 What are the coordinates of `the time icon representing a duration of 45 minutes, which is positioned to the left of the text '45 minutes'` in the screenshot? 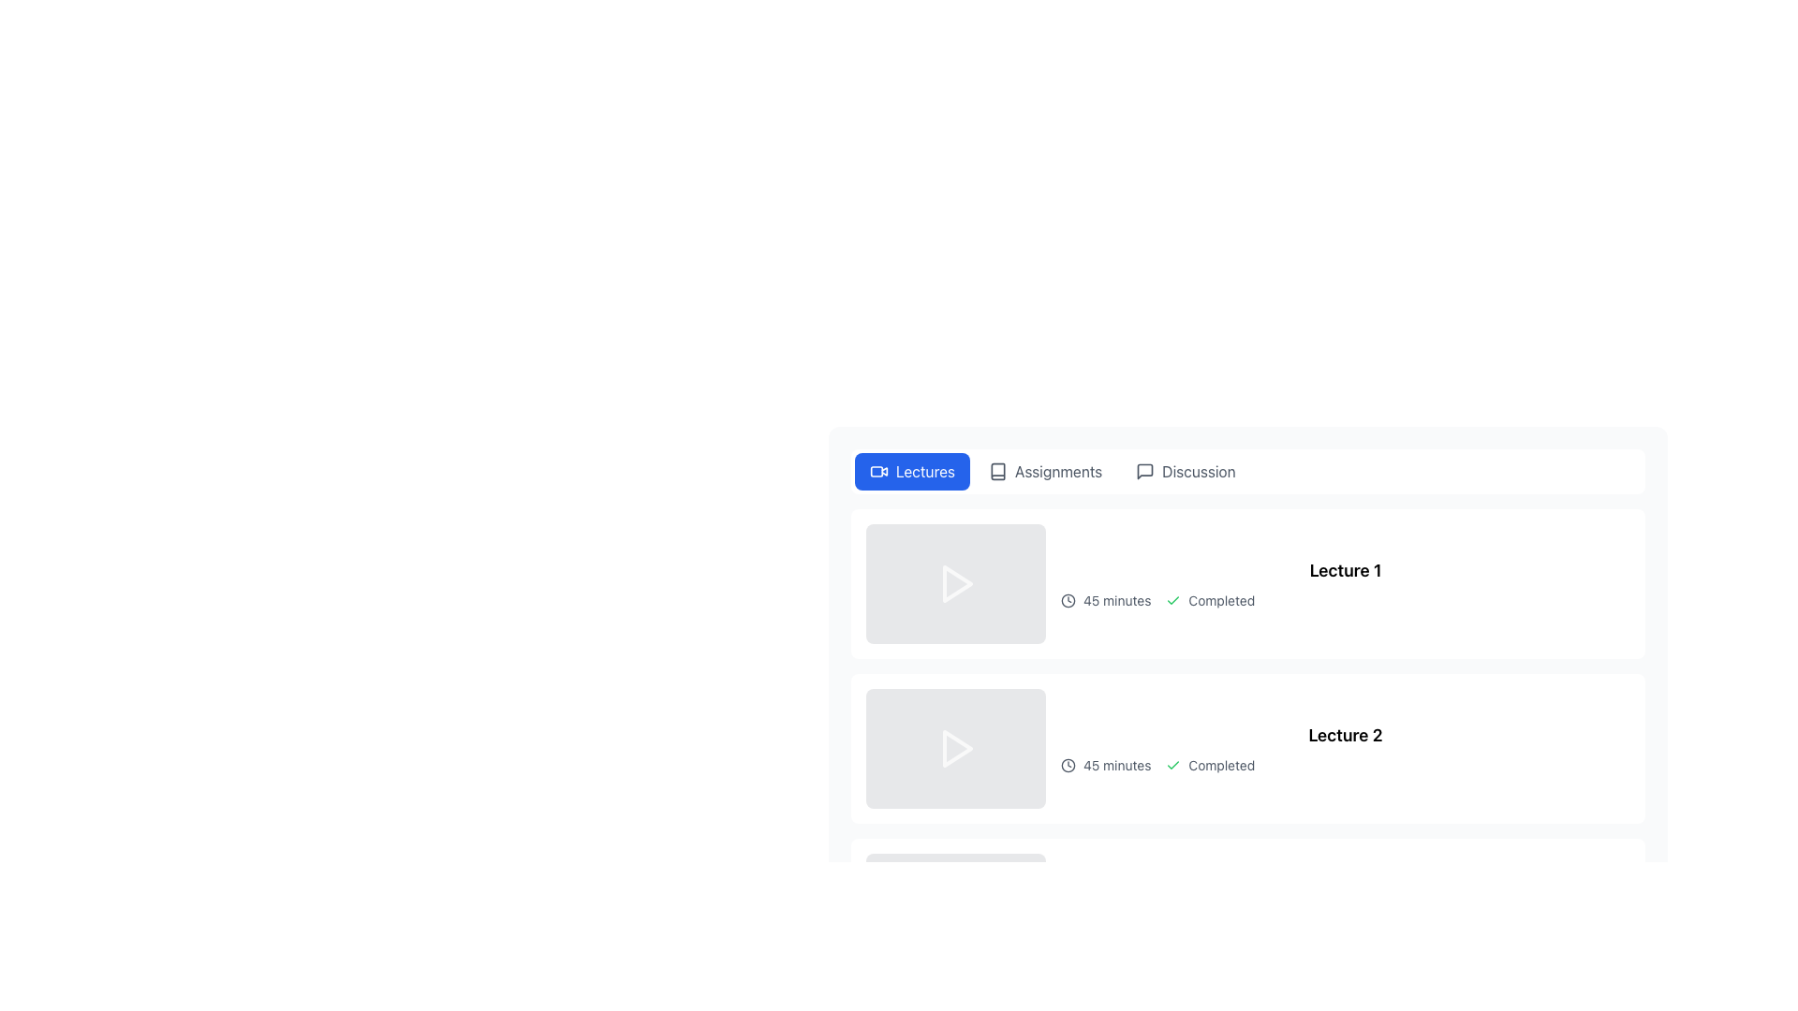 It's located at (1068, 765).